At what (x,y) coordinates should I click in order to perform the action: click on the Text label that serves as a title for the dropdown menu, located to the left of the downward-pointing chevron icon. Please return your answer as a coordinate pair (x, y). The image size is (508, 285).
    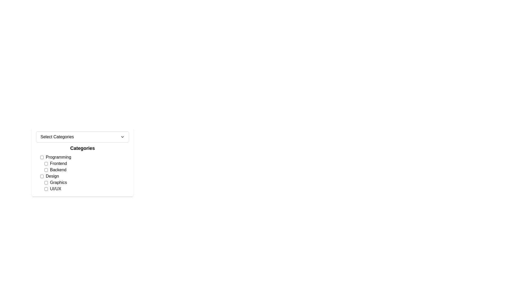
    Looking at the image, I should click on (57, 137).